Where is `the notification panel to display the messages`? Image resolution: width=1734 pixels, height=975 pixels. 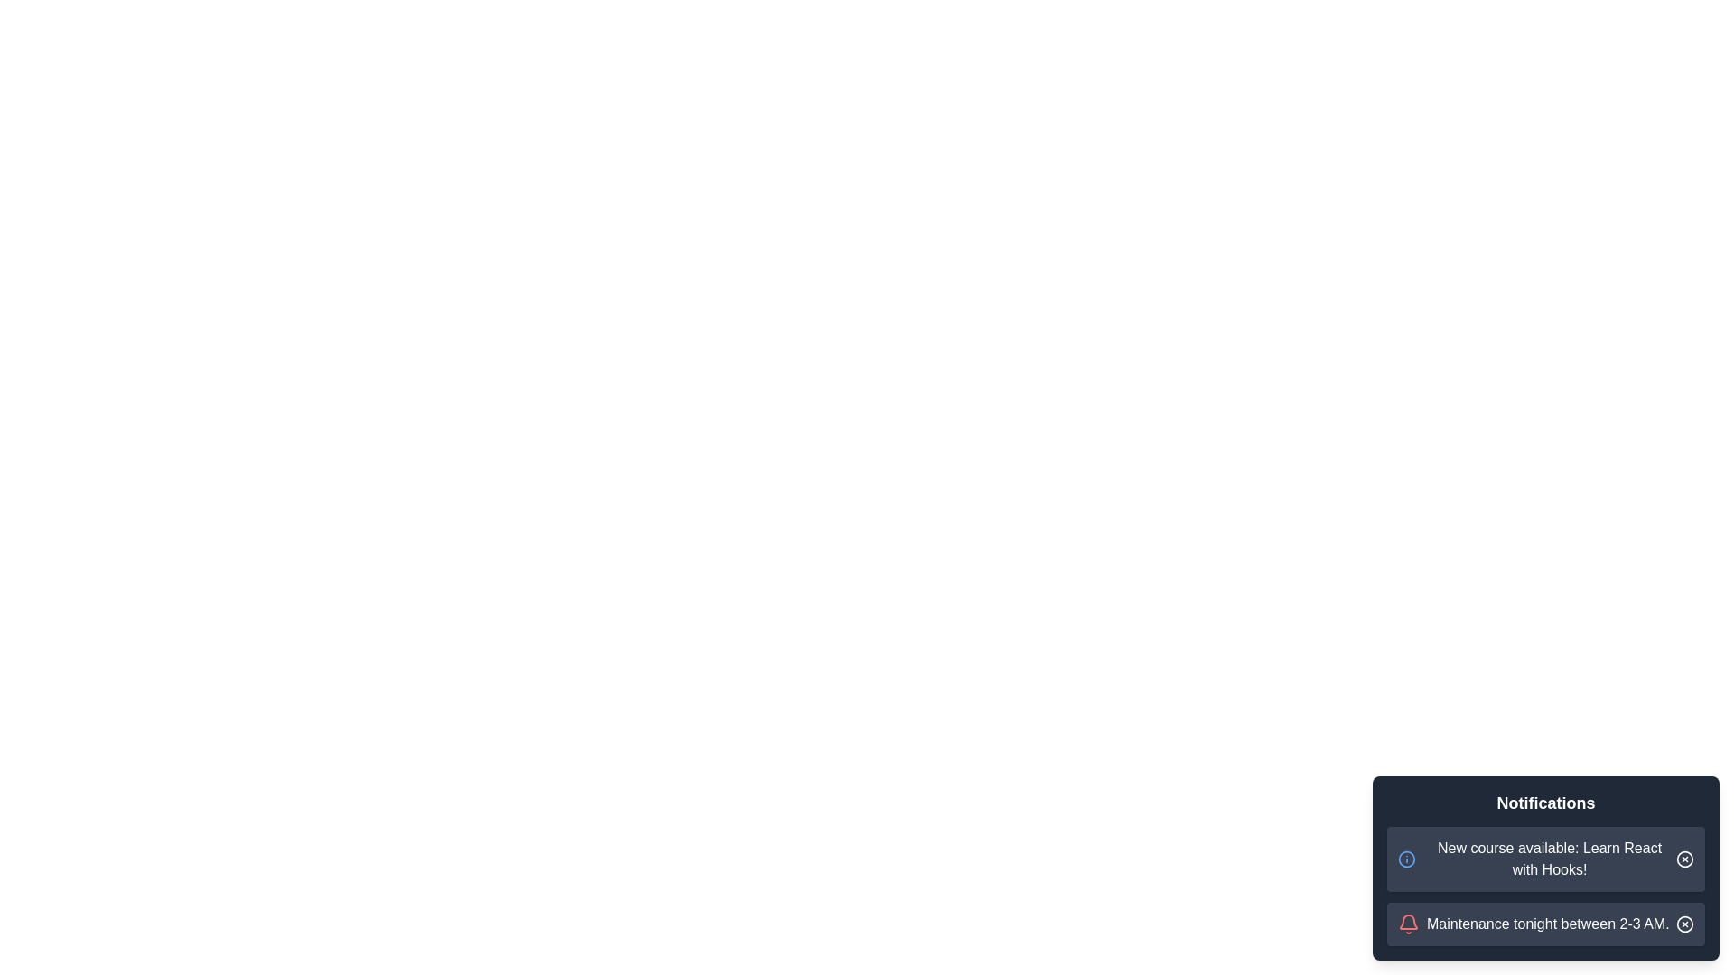 the notification panel to display the messages is located at coordinates (1545, 867).